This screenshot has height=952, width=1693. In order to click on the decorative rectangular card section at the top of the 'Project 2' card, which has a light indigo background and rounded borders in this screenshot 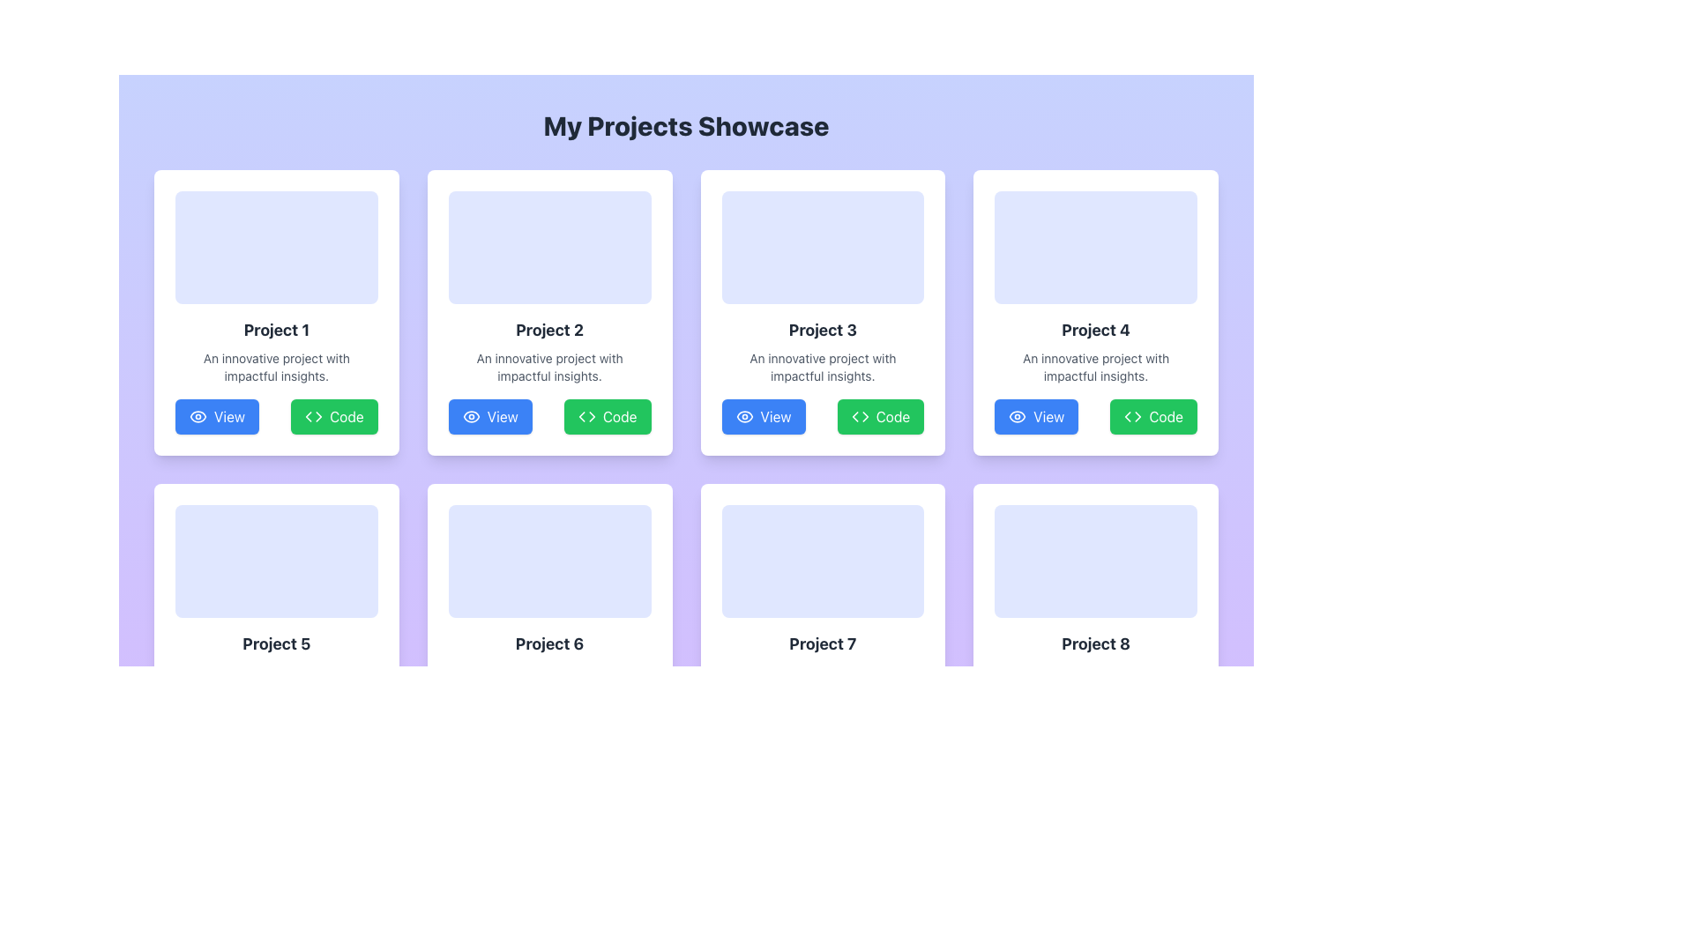, I will do `click(548, 248)`.